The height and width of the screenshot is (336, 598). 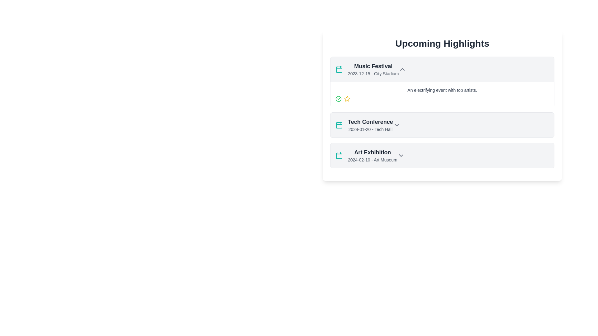 I want to click on the Icon component within the SVG calendar illustration, which indicates a date or event, located at the top-left corner of the first event entry next to the 'Music Festival' title, so click(x=339, y=69).